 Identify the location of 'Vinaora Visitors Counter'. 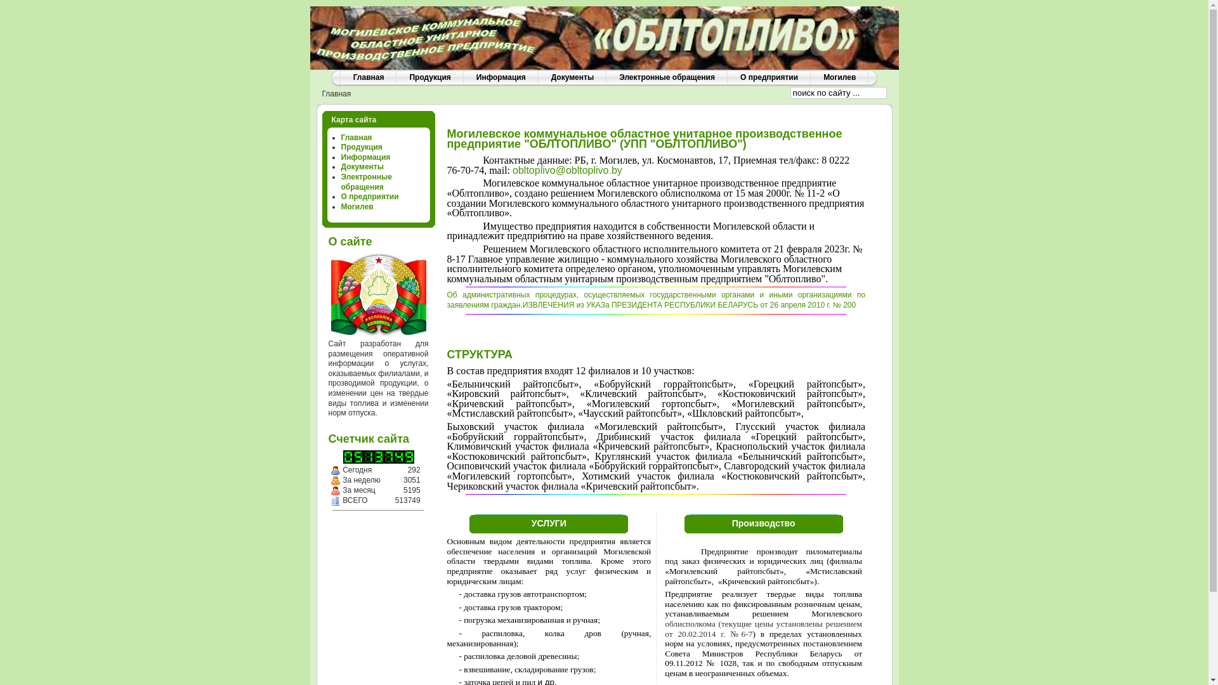
(408, 457).